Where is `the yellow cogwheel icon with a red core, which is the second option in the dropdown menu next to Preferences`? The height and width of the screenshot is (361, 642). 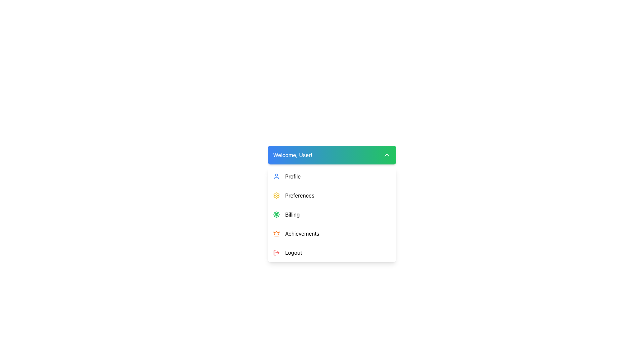 the yellow cogwheel icon with a red core, which is the second option in the dropdown menu next to Preferences is located at coordinates (276, 196).